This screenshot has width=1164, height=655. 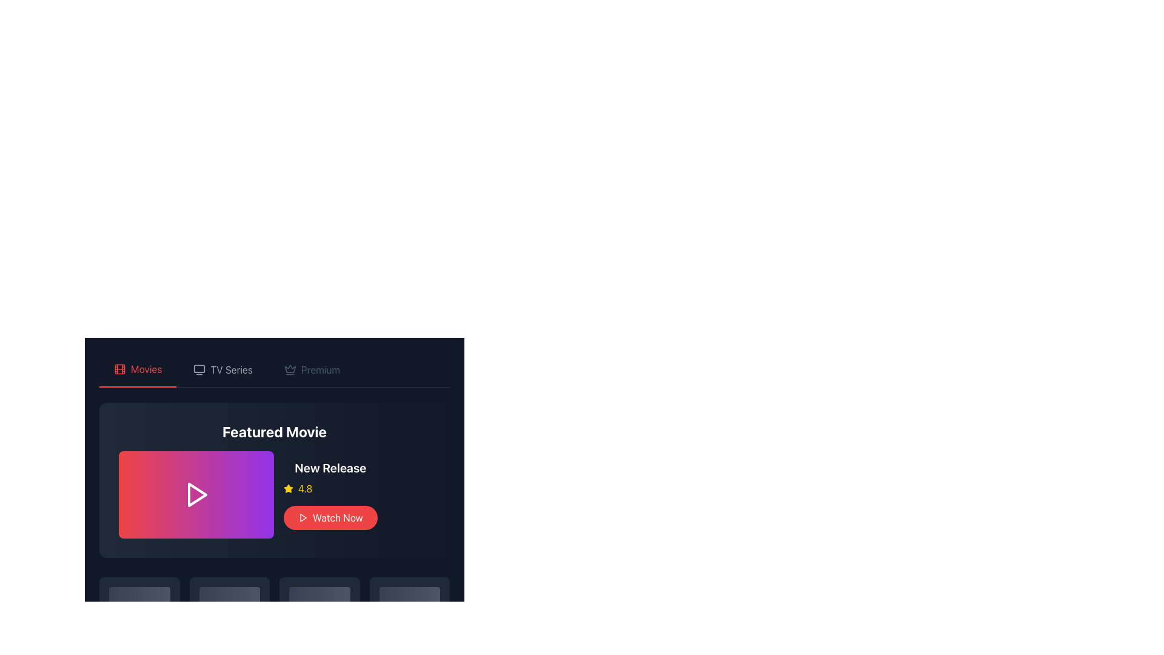 I want to click on the internal rectangle of the minimalistic TV icon, which is a softened corner rectangular shape situated at the top center of the application layout, so click(x=199, y=368).